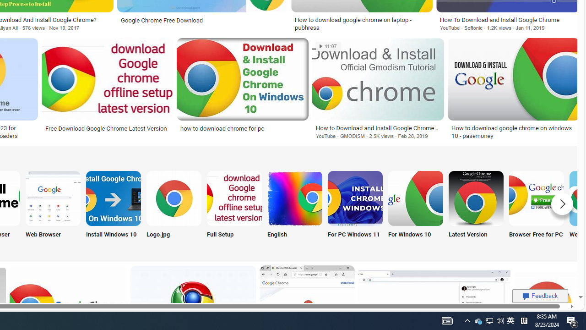 The image size is (586, 330). What do you see at coordinates (222, 128) in the screenshot?
I see `'how to download chrome for pc'` at bounding box center [222, 128].